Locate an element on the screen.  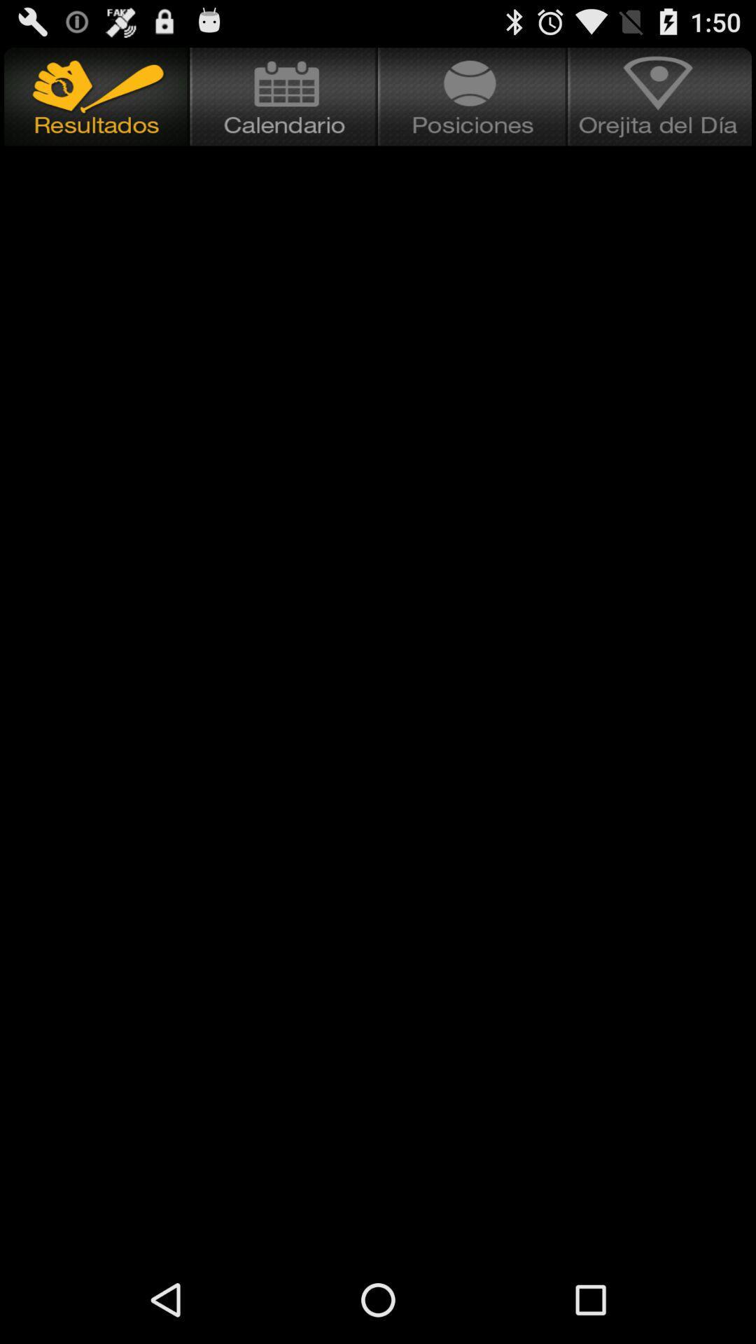
item at the top right corner is located at coordinates (661, 96).